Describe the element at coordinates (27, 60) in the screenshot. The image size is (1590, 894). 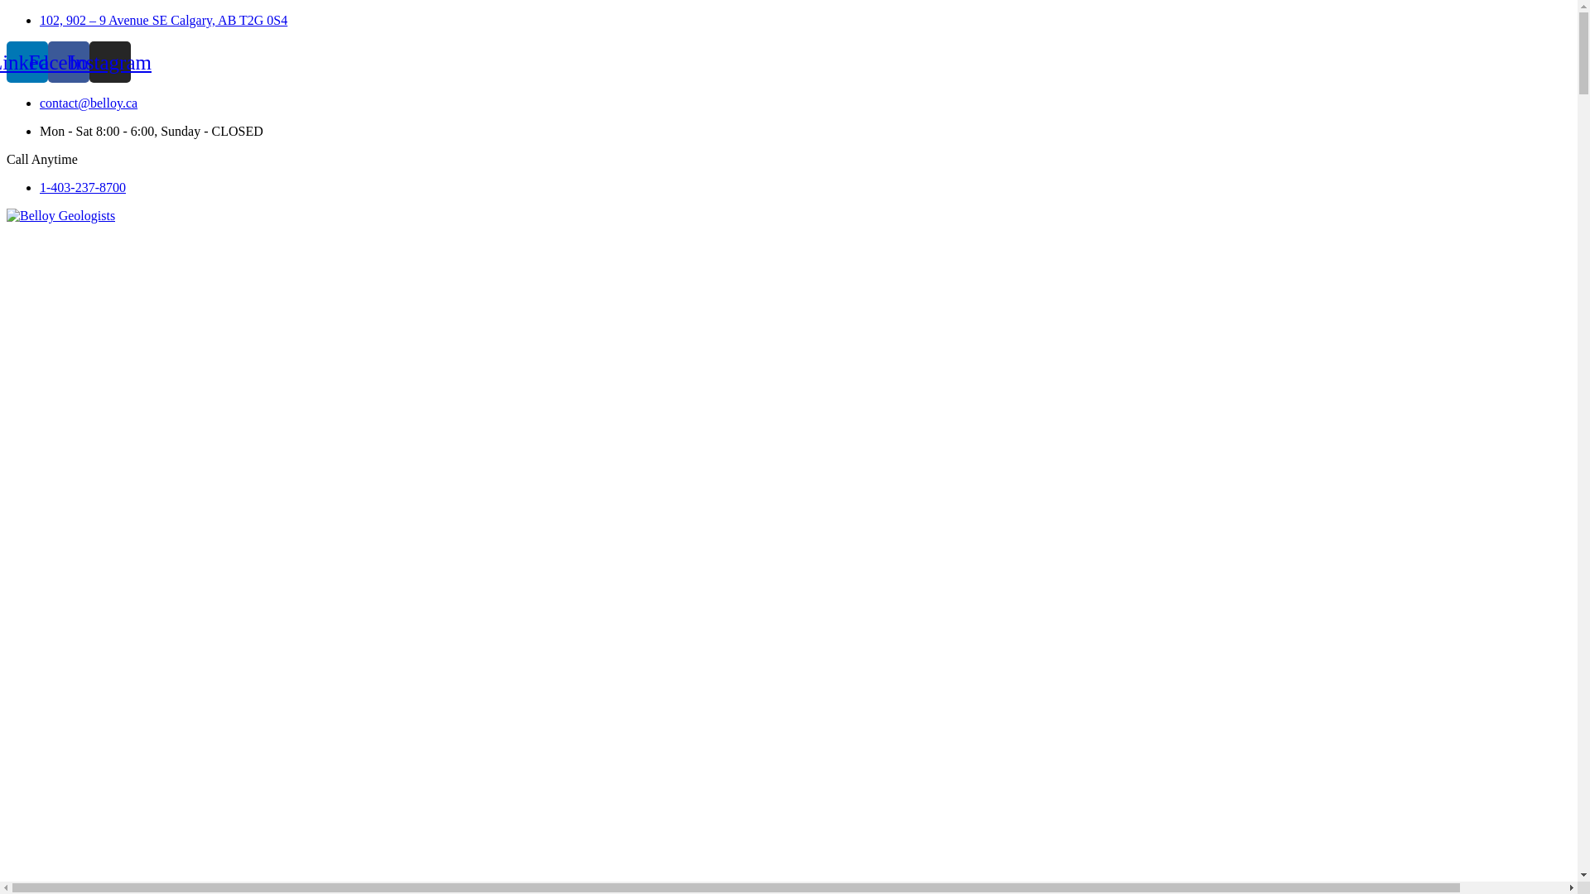
I see `'Linkedin'` at that location.